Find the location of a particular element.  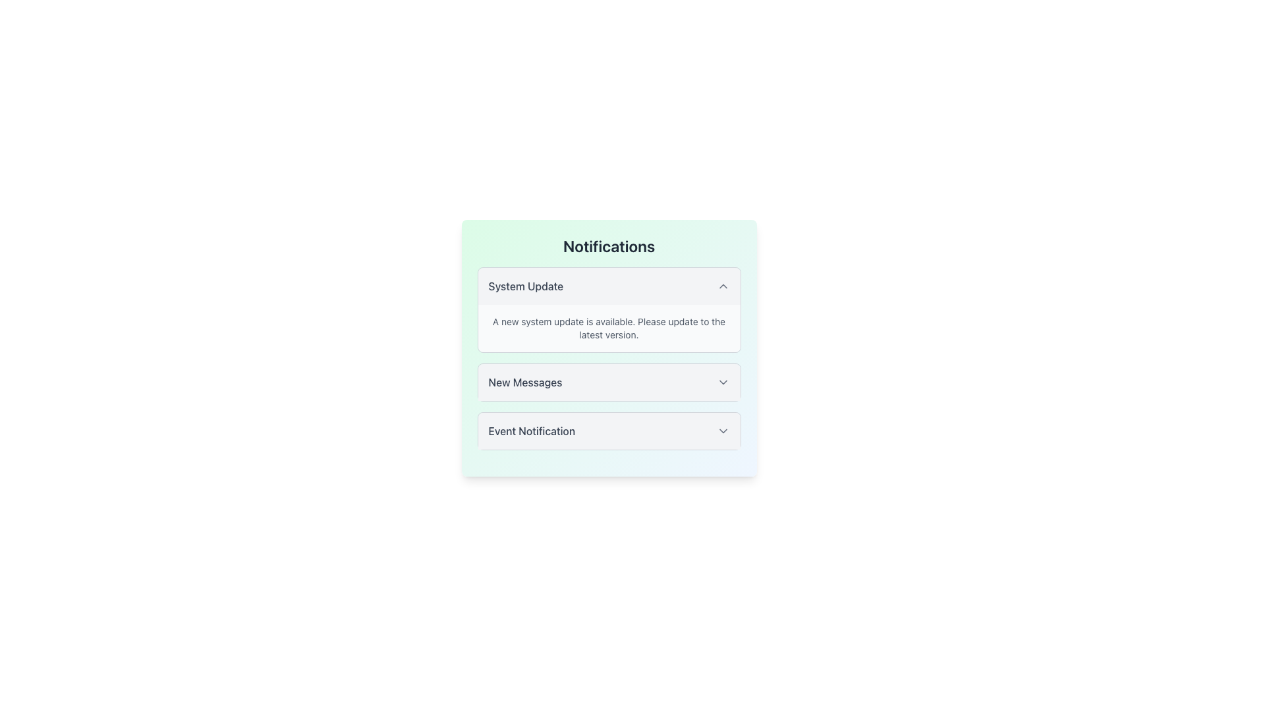

the first notification component titled 'System Update' in the expandable card section is located at coordinates (608, 347).